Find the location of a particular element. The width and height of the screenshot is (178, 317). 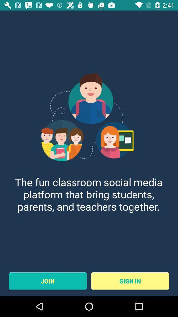

the join item is located at coordinates (47, 281).